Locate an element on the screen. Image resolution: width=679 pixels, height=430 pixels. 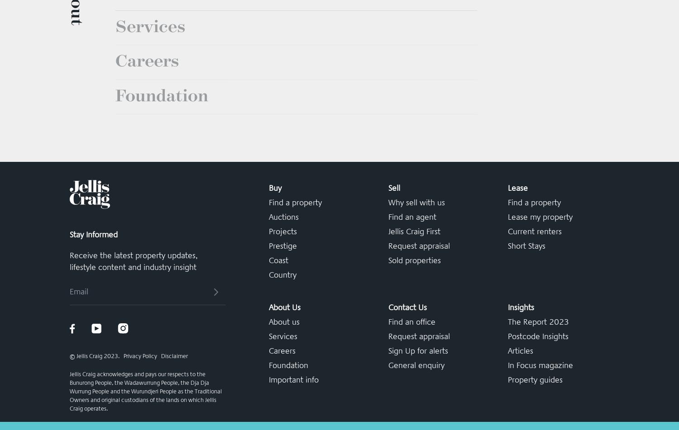
'Coast' is located at coordinates (278, 400).